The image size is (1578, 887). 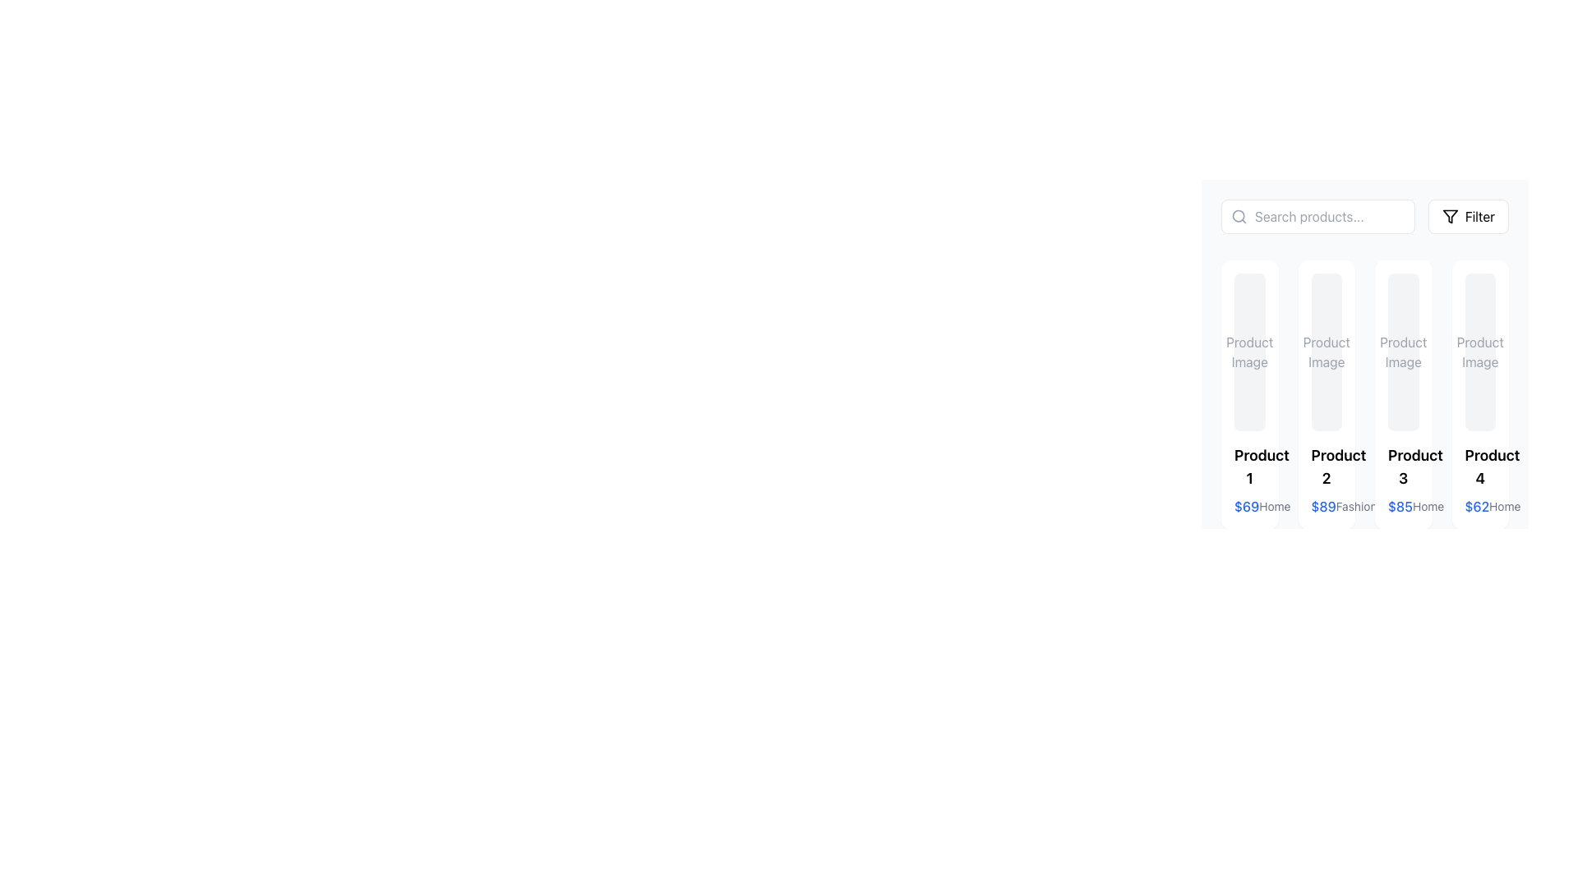 What do you see at coordinates (1480, 467) in the screenshot?
I see `the Text Label element that reads 'Product 4', which is bold and positioned below the image placeholder in the product card` at bounding box center [1480, 467].